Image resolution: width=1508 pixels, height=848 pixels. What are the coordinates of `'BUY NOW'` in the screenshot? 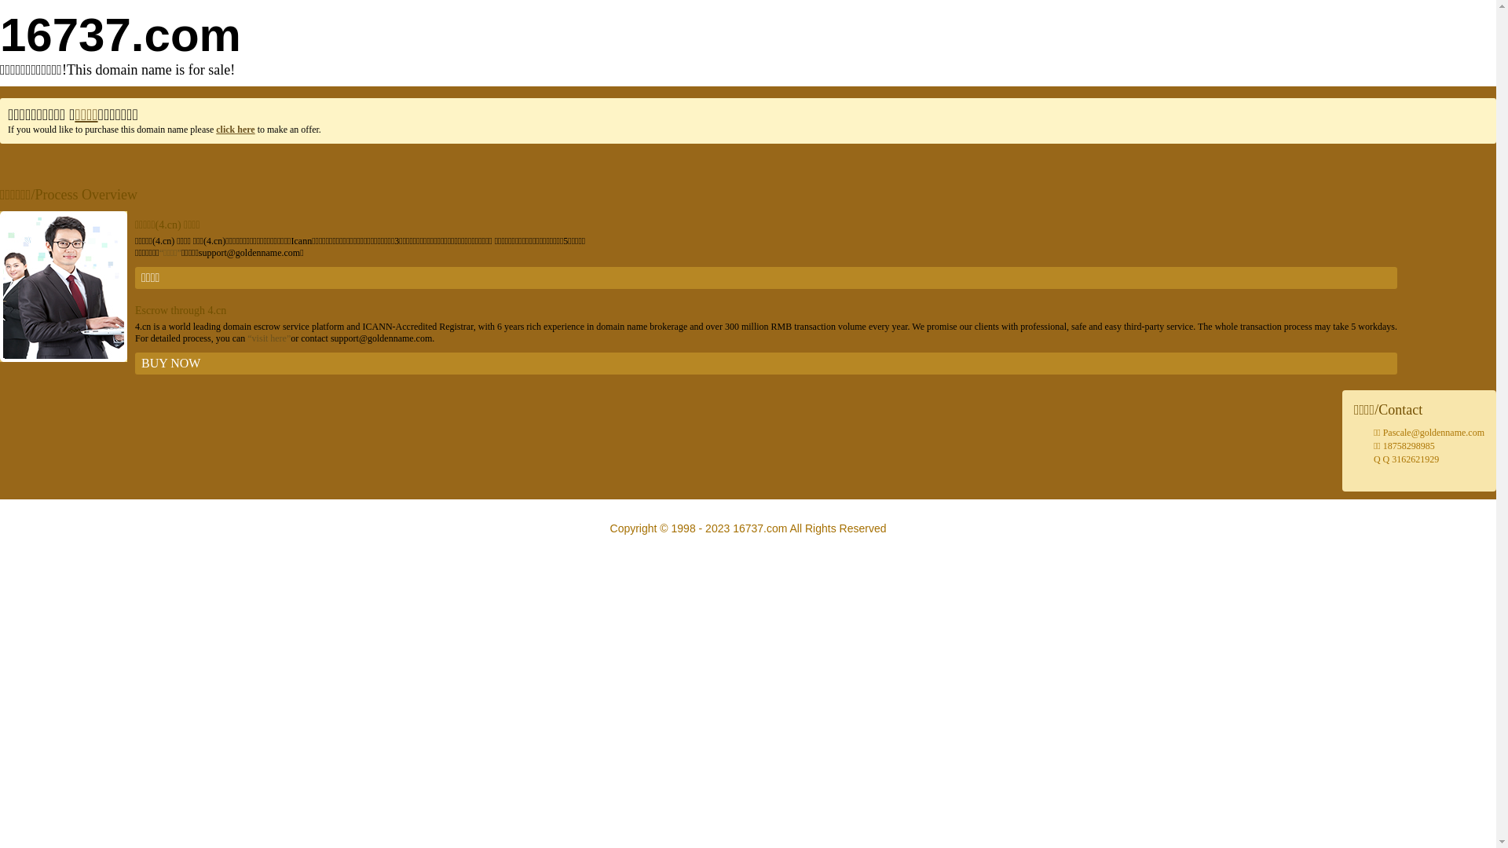 It's located at (766, 363).